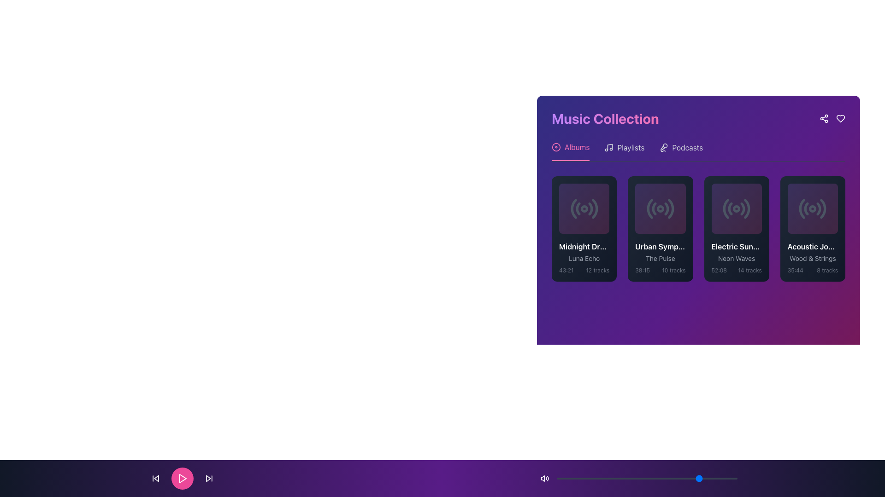 This screenshot has width=885, height=497. I want to click on the circular pink button with a play icon located at the center of the rightmost card in the 'Music Collection' section to play the media, so click(813, 208).